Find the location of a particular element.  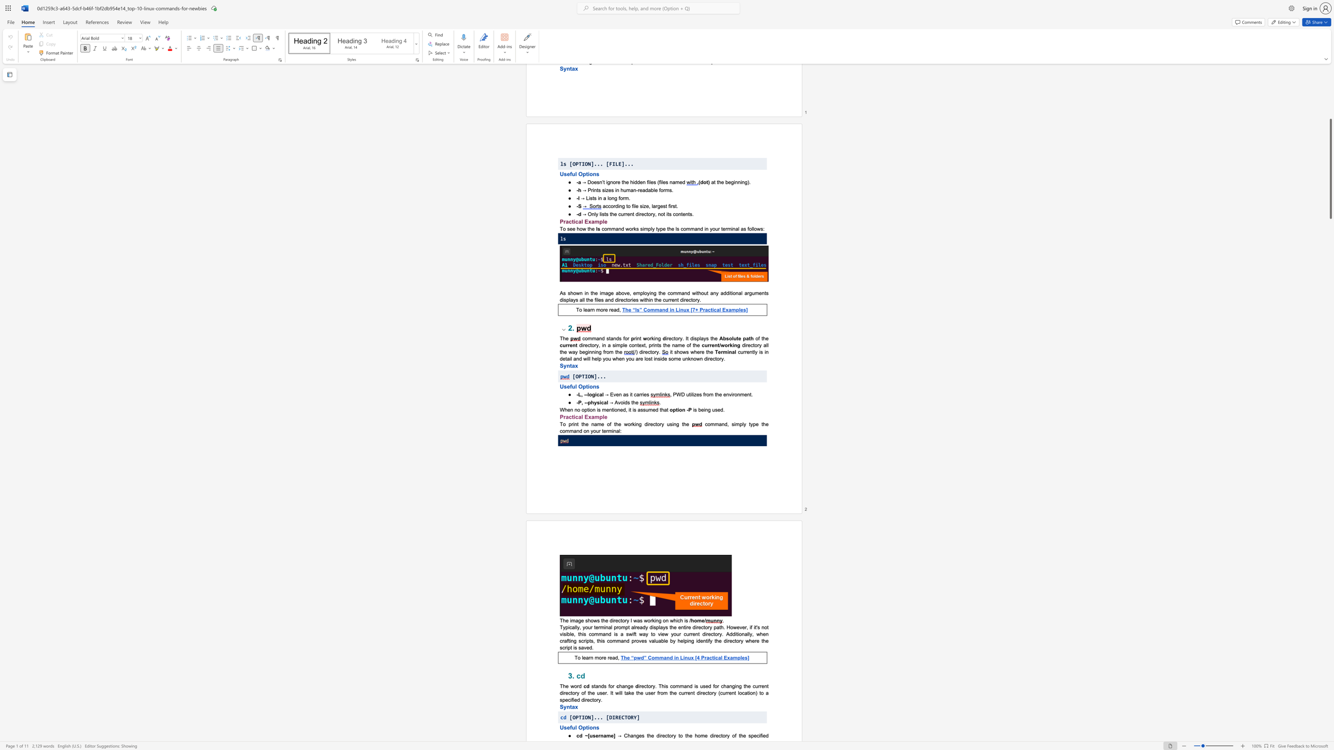

the 3th character "e" in the text is located at coordinates (654, 409).